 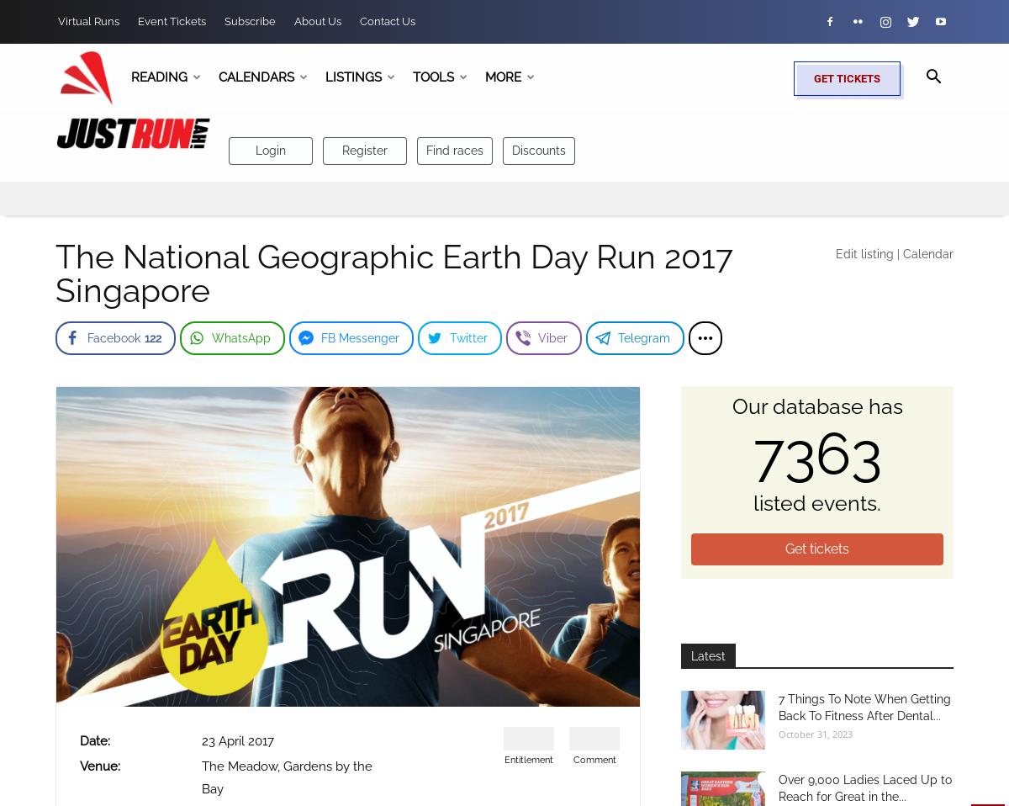 What do you see at coordinates (902, 253) in the screenshot?
I see `'Calendar'` at bounding box center [902, 253].